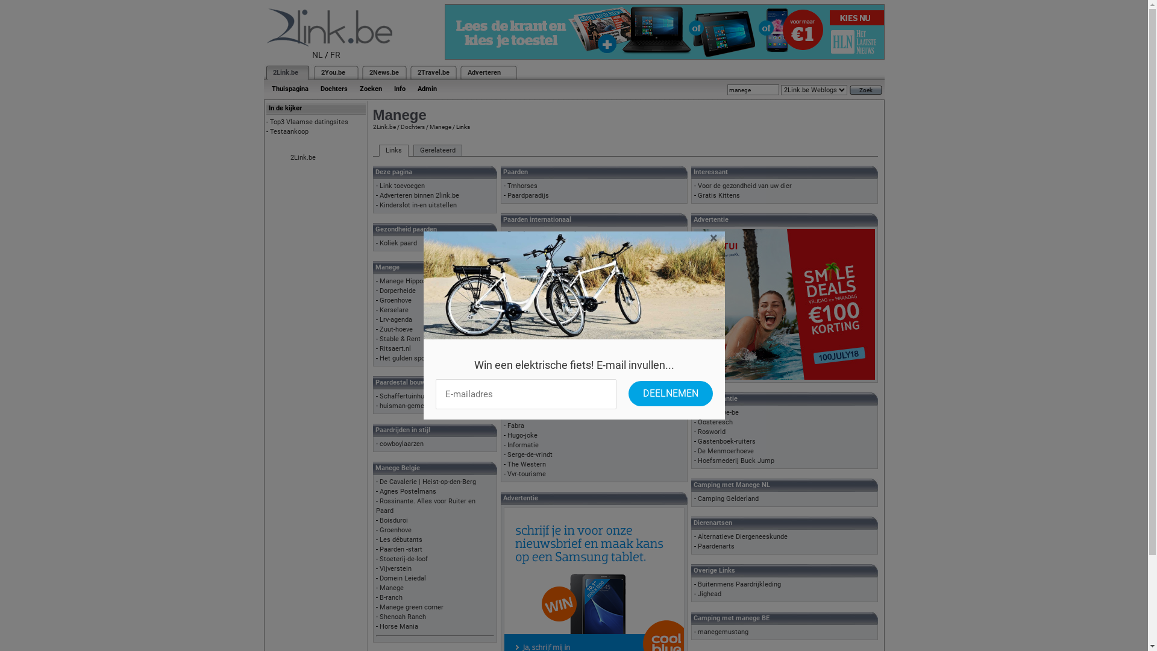 The height and width of the screenshot is (651, 1157). I want to click on 'Vielseitigkeitsreiten', so click(507, 319).